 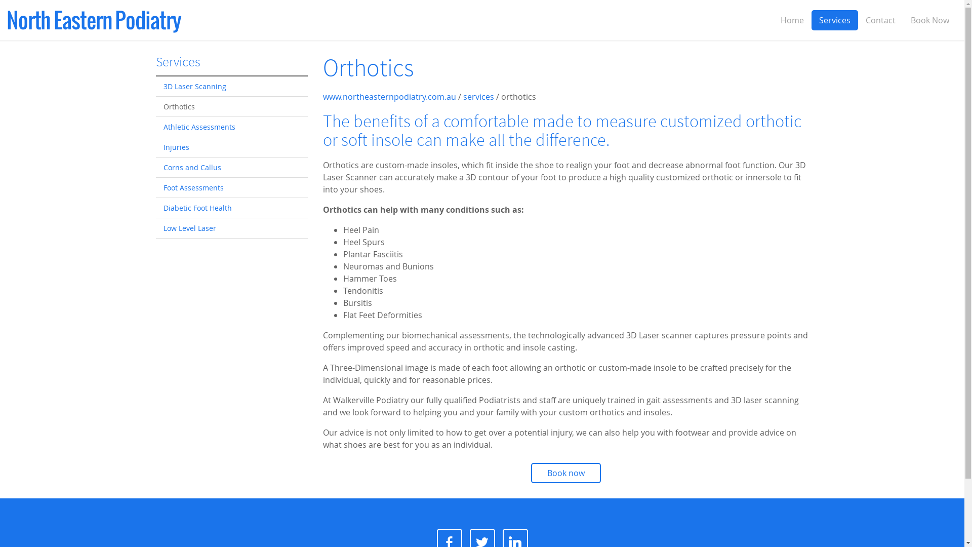 What do you see at coordinates (231, 167) in the screenshot?
I see `'Corns and Callus'` at bounding box center [231, 167].